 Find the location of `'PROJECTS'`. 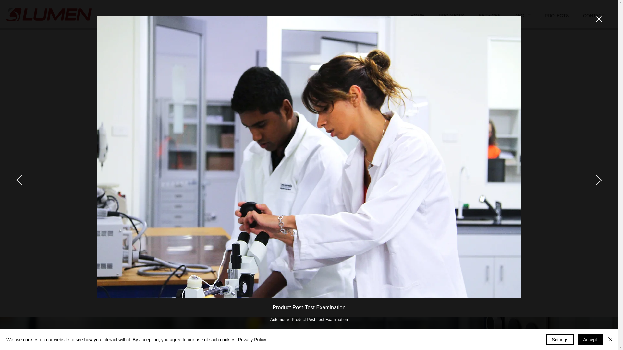

'PROJECTS' is located at coordinates (556, 15).